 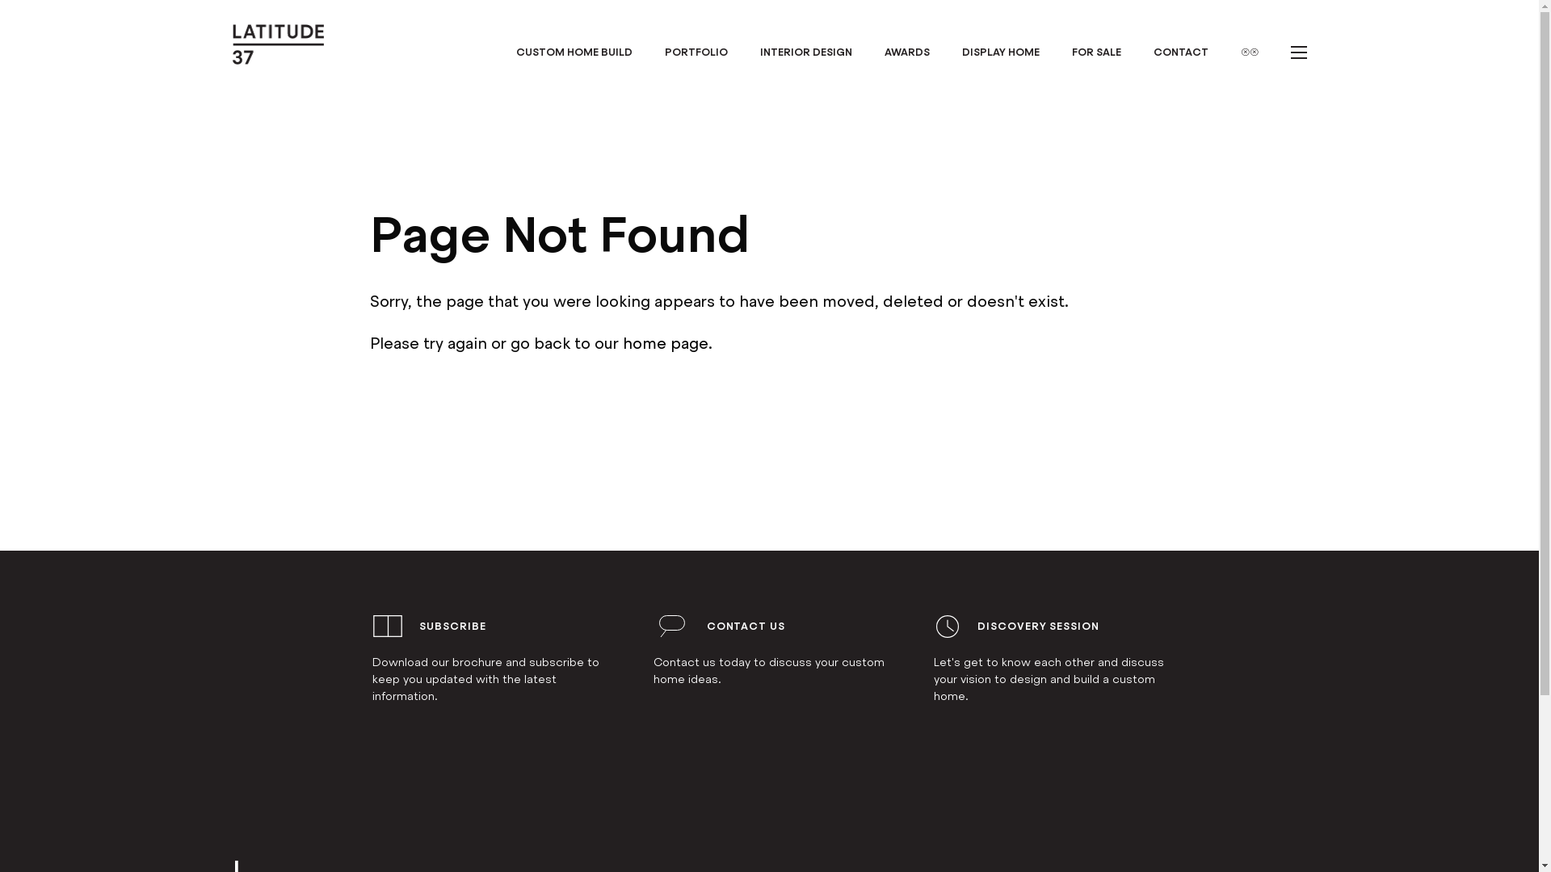 I want to click on 'FOR SALE', so click(x=1070, y=52).